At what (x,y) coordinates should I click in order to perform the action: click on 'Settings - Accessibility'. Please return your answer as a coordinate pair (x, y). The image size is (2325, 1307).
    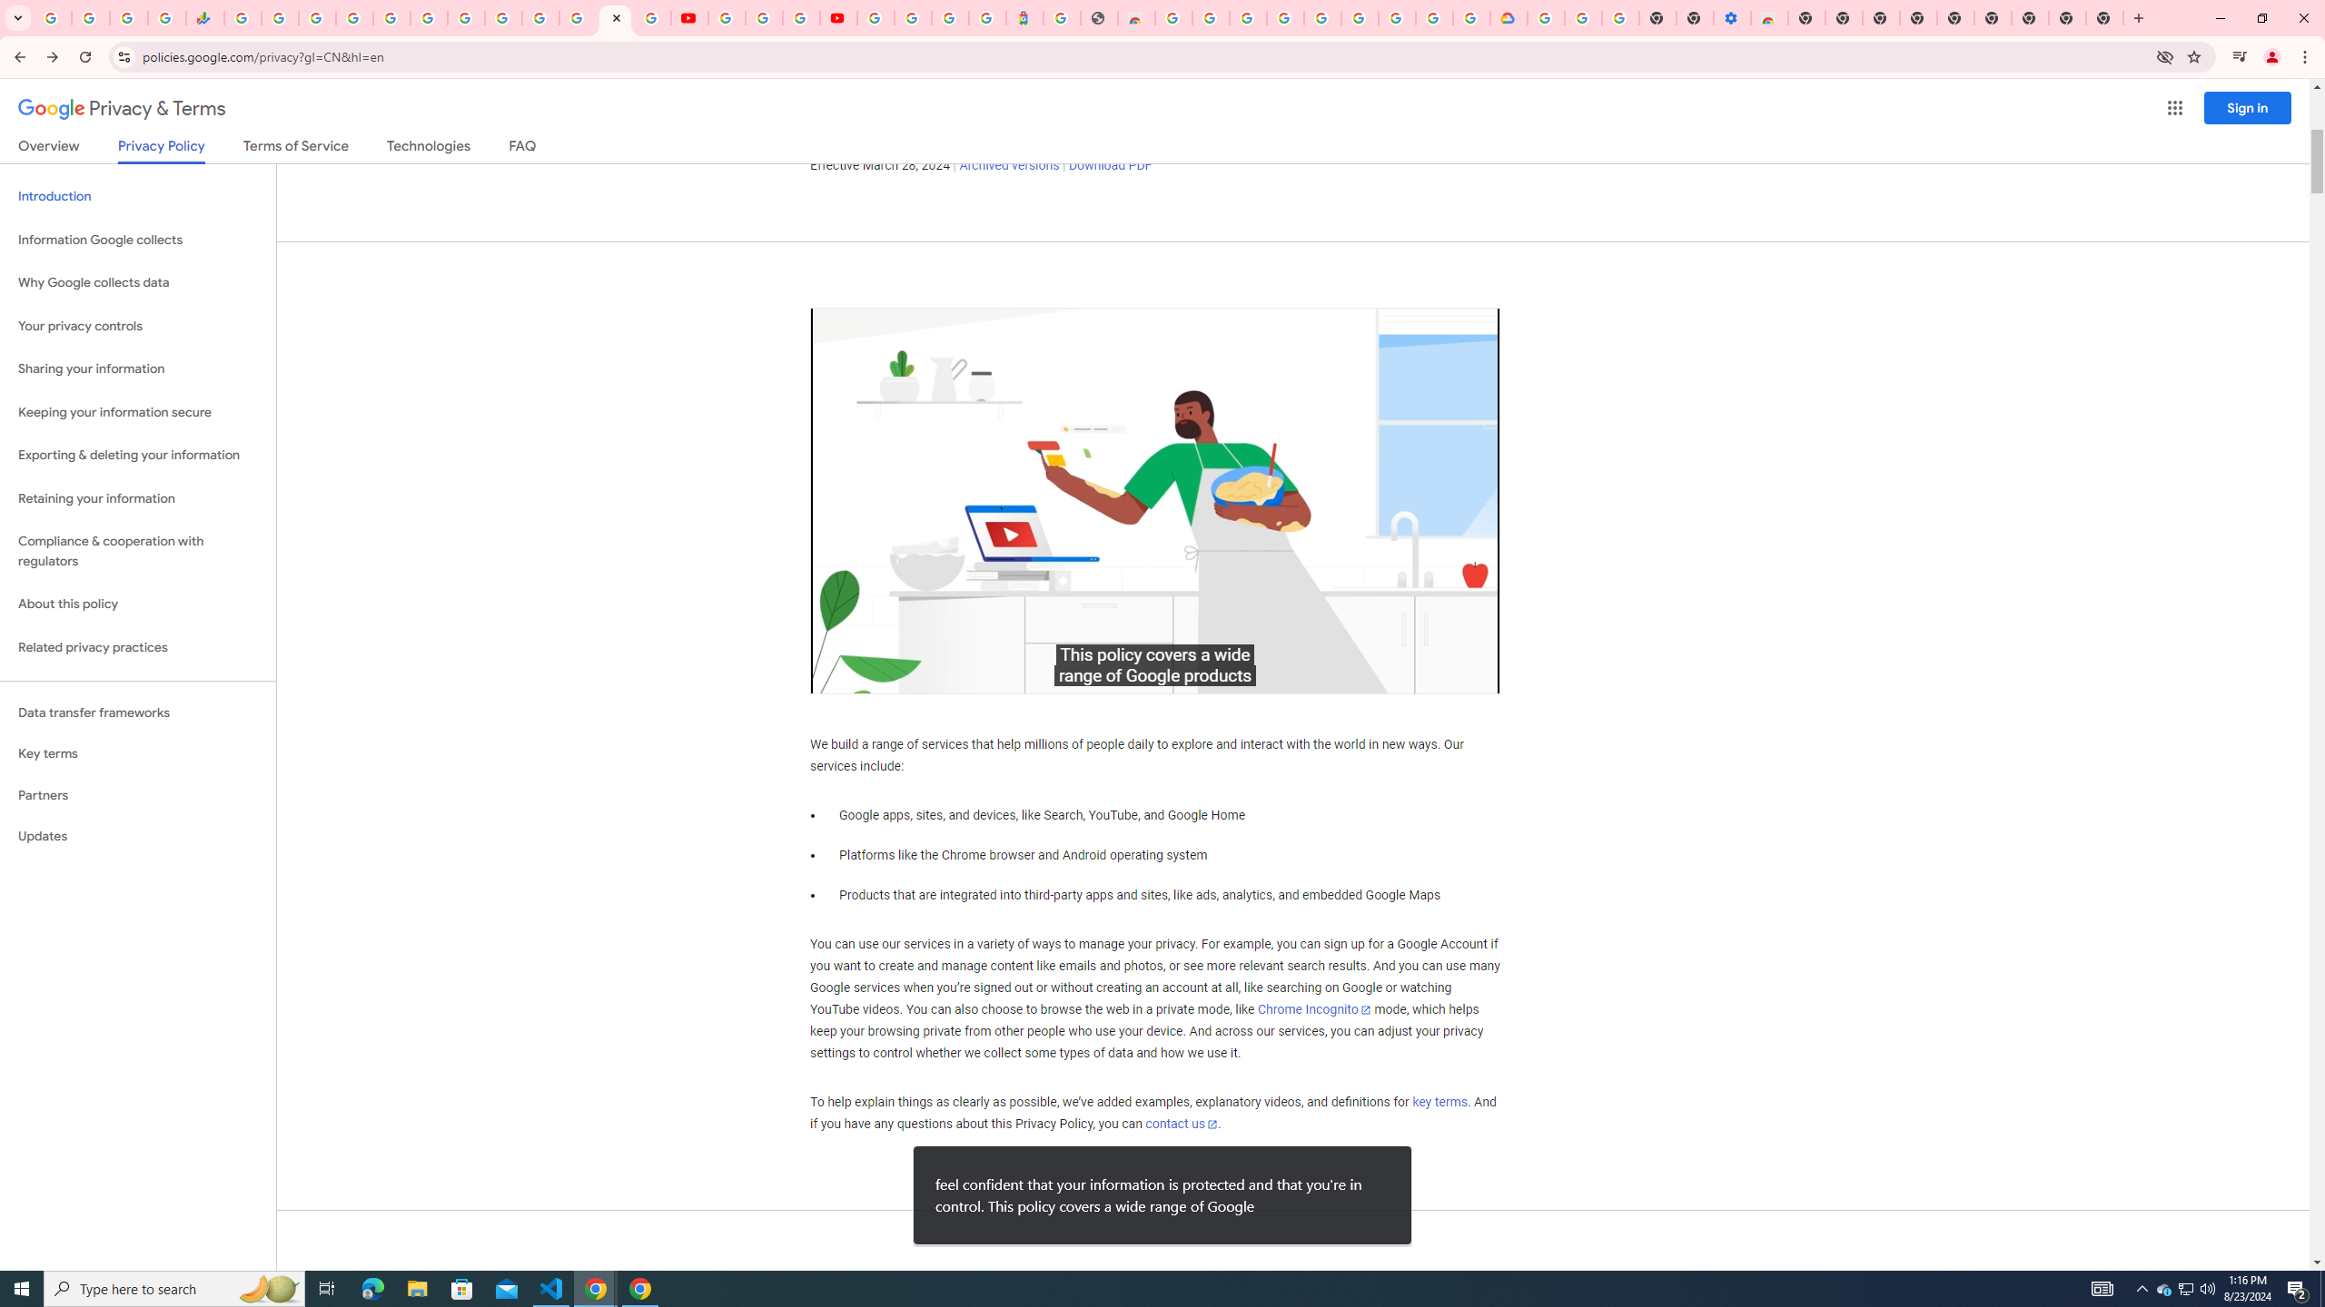
    Looking at the image, I should click on (1732, 17).